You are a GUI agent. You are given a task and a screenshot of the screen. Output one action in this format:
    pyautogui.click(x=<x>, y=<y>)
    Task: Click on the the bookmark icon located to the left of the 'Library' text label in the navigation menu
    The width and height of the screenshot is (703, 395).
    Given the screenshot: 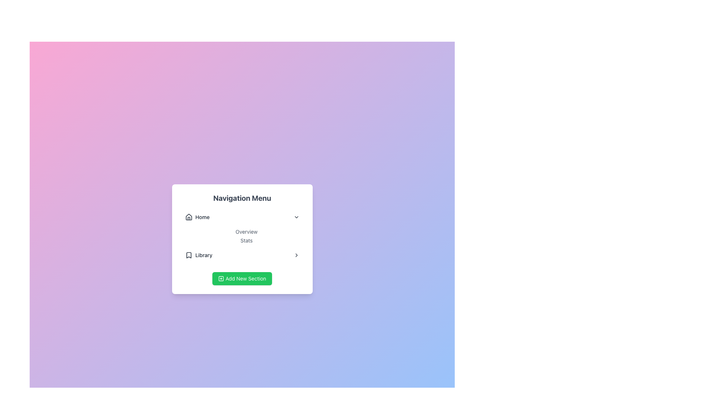 What is the action you would take?
    pyautogui.click(x=189, y=255)
    